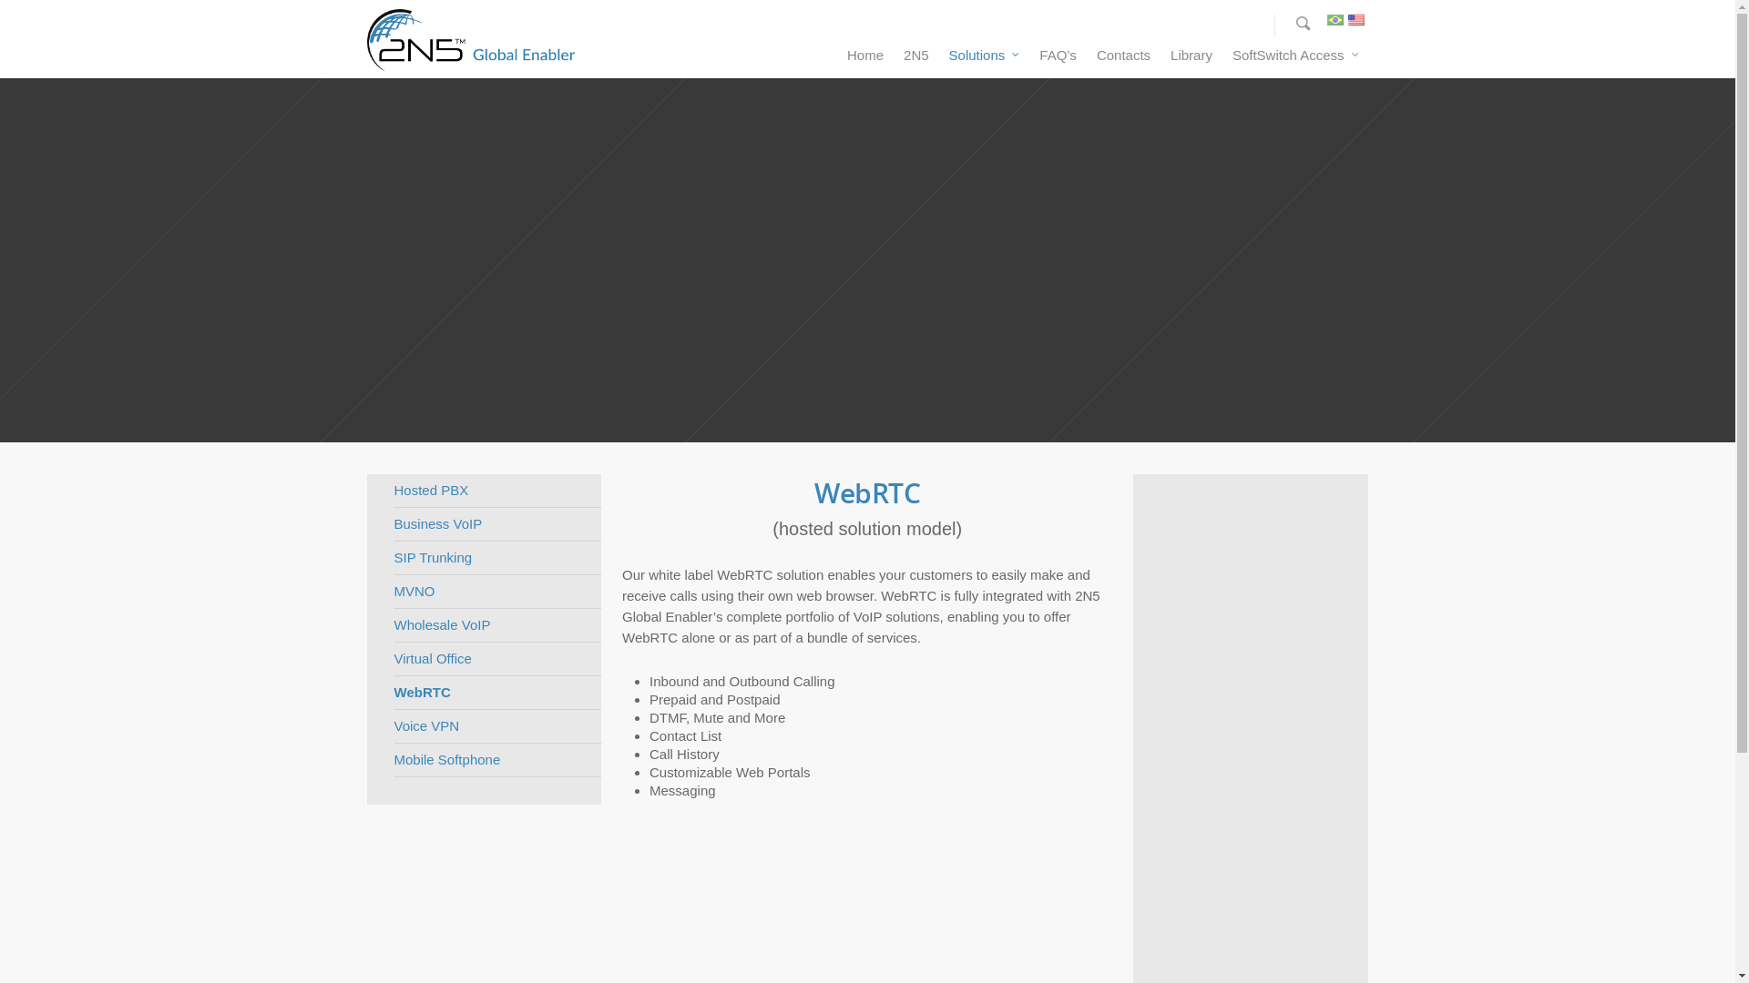 This screenshot has width=1749, height=983. Describe the element at coordinates (1122, 58) in the screenshot. I see `'Contacts'` at that location.